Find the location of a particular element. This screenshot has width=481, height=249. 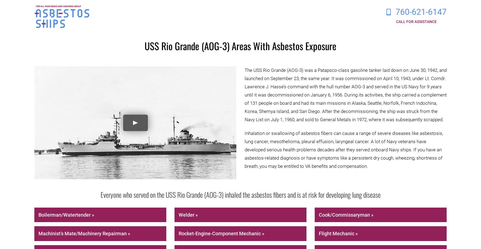

'Welder »' is located at coordinates (188, 214).